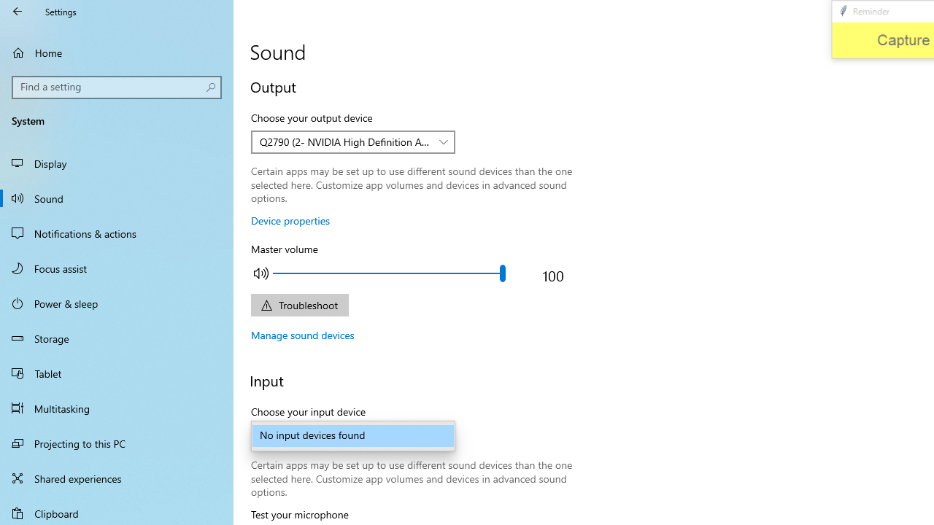  Describe the element at coordinates (298, 304) in the screenshot. I see `'Output device troubleshoot'` at that location.